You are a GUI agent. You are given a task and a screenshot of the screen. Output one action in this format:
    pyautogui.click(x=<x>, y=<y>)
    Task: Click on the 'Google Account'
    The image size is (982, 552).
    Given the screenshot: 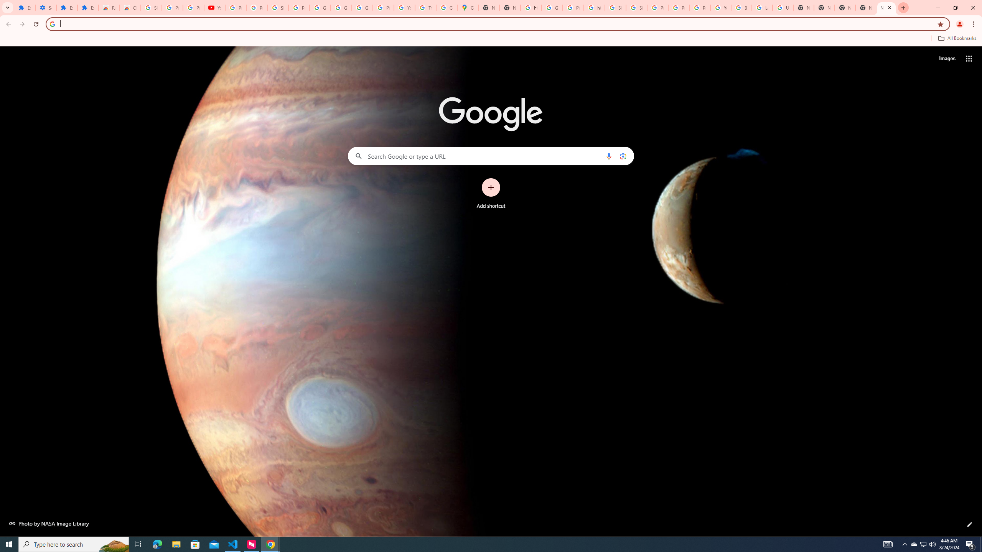 What is the action you would take?
    pyautogui.click(x=341, y=7)
    